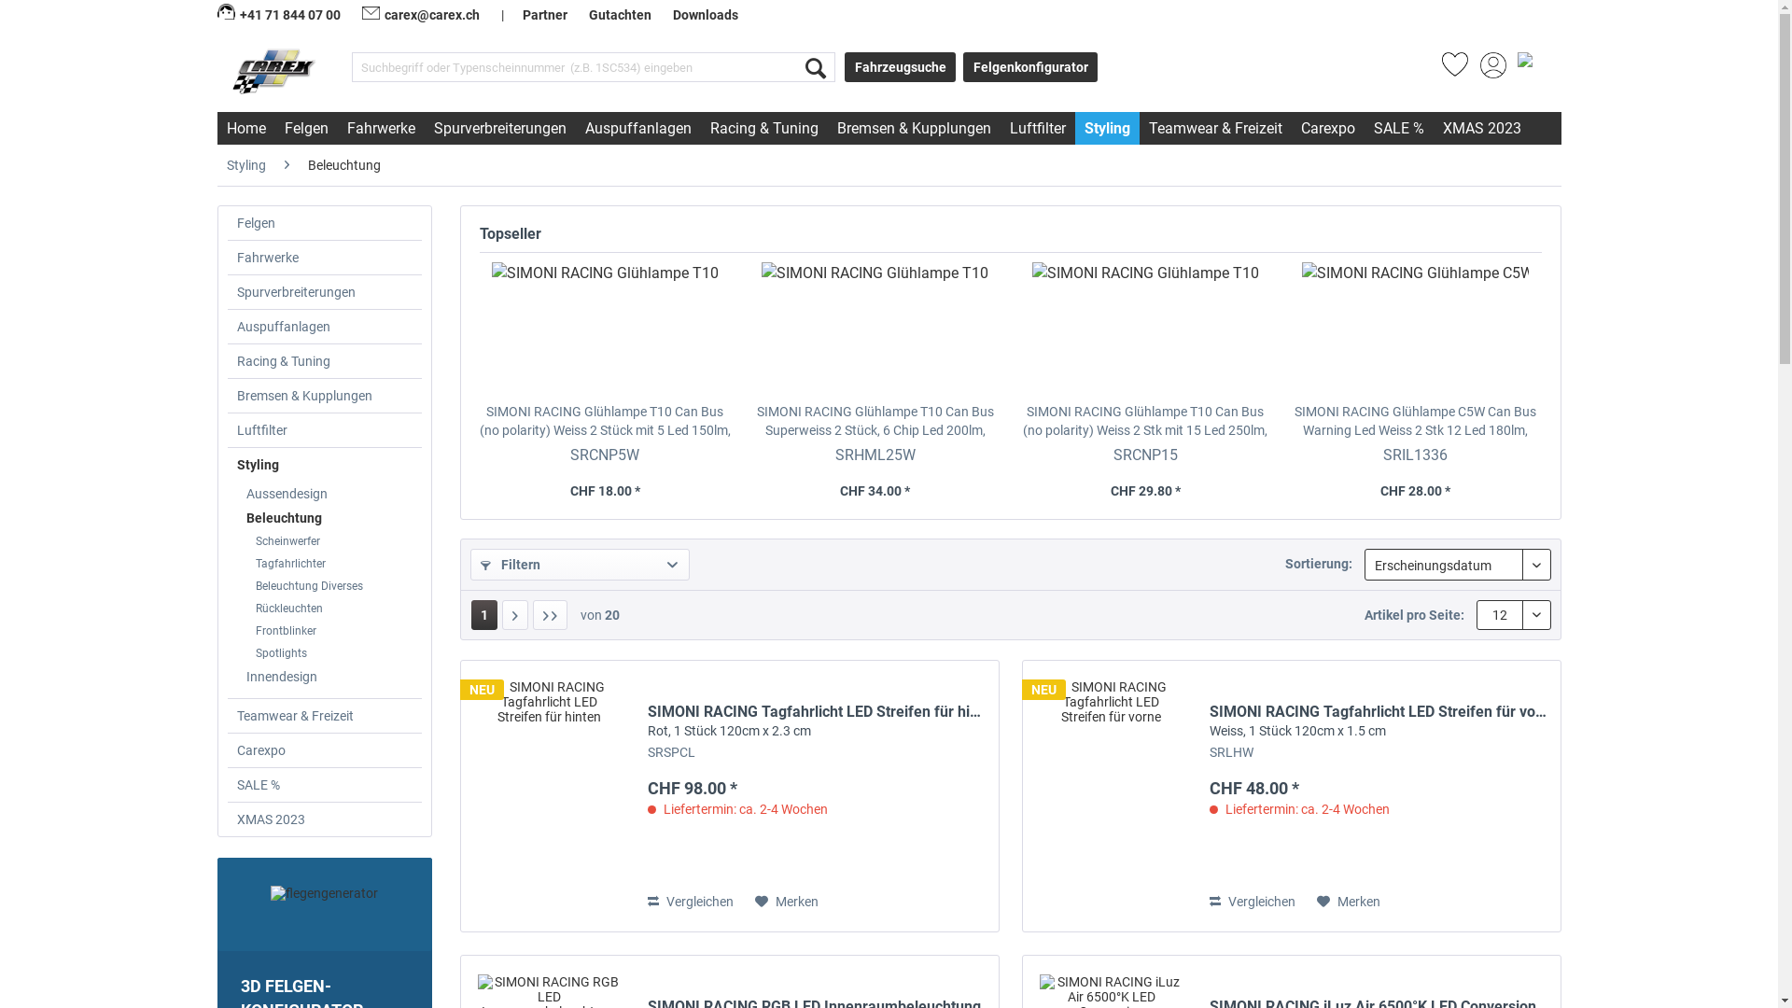 This screenshot has width=1792, height=1008. Describe the element at coordinates (334, 540) in the screenshot. I see `'Scheinwerfer'` at that location.